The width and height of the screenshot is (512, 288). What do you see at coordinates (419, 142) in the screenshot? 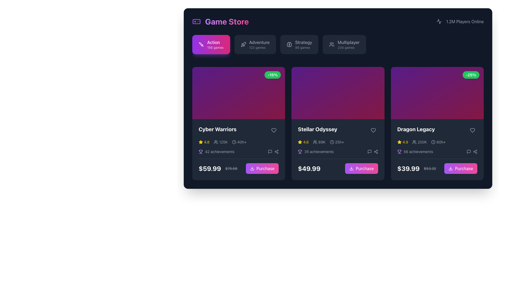
I see `gray text '200K' located next to the user icon in the third card titled 'Dragon Legacy', which is the second item in the row of metadata` at bounding box center [419, 142].